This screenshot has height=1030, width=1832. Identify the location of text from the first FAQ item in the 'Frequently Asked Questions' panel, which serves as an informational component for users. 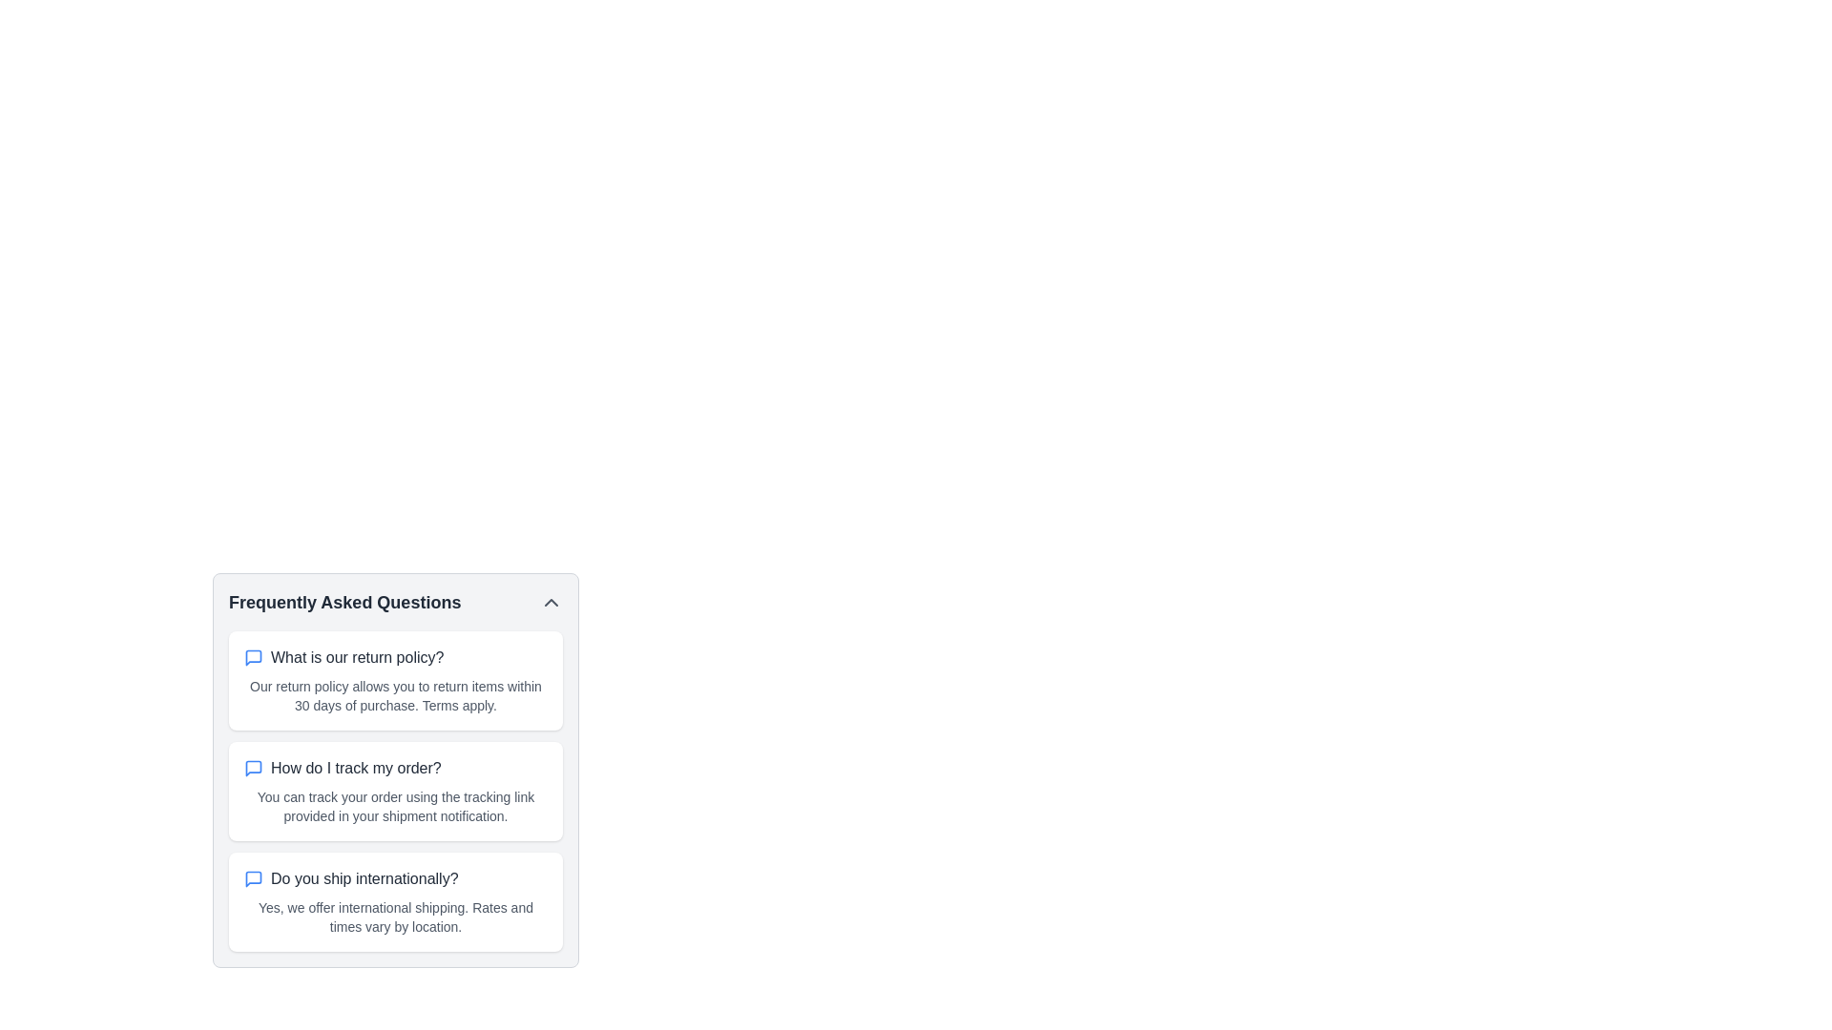
(394, 791).